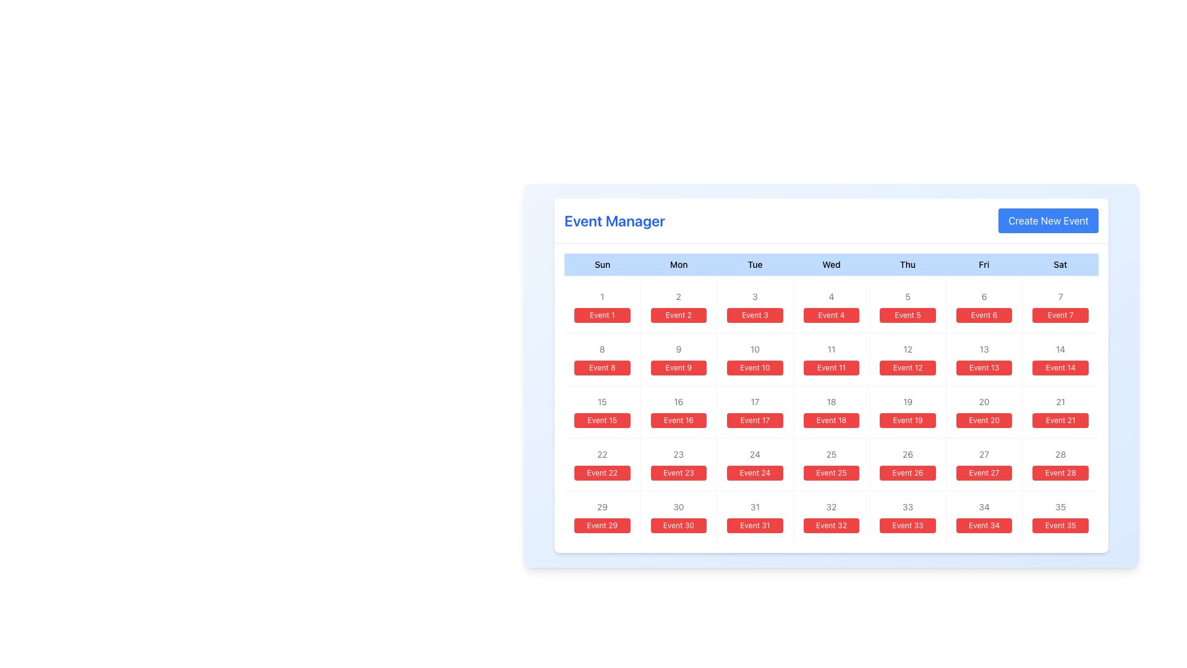 The image size is (1187, 668). I want to click on the Text Label element with a red background and white text that reads 'Event 13', located in the calendar interface under the date number 13, so click(984, 367).